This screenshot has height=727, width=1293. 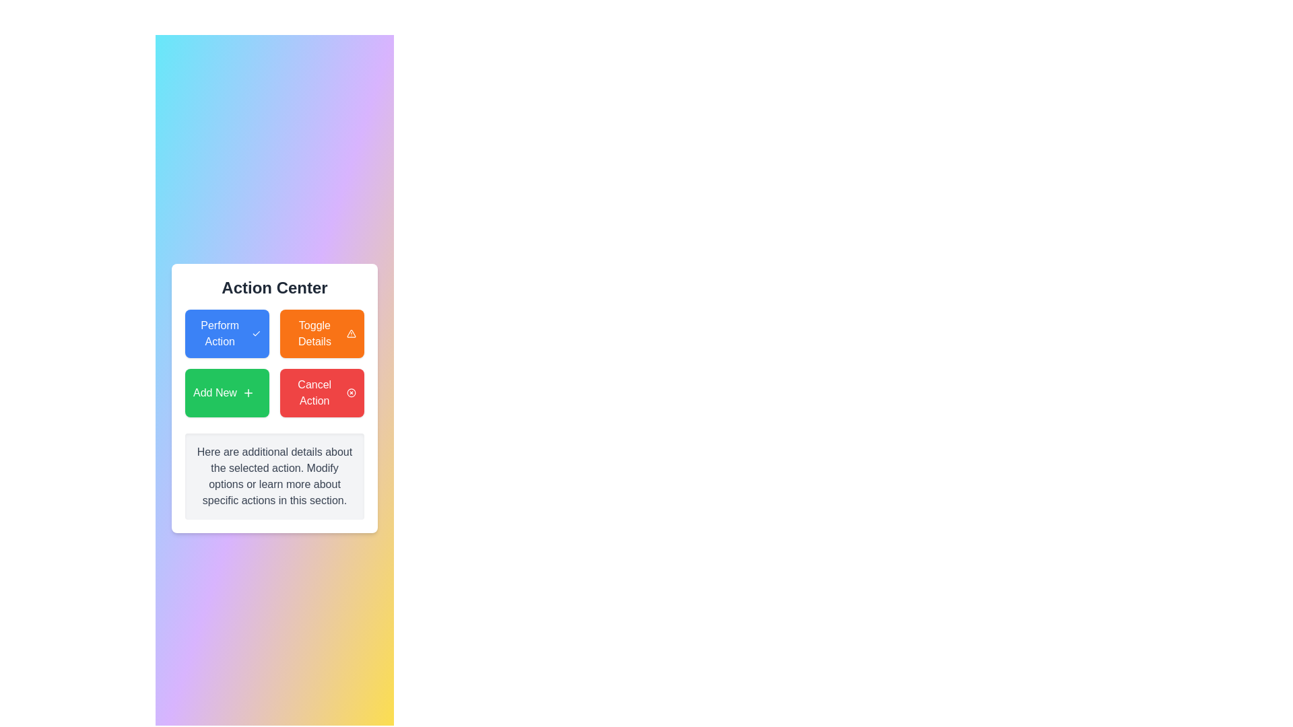 What do you see at coordinates (274, 476) in the screenshot?
I see `text from the informational text box located at the bottom of the 'Action Center' panel, which has a light gray background and contains centrally aligned dark gray text` at bounding box center [274, 476].